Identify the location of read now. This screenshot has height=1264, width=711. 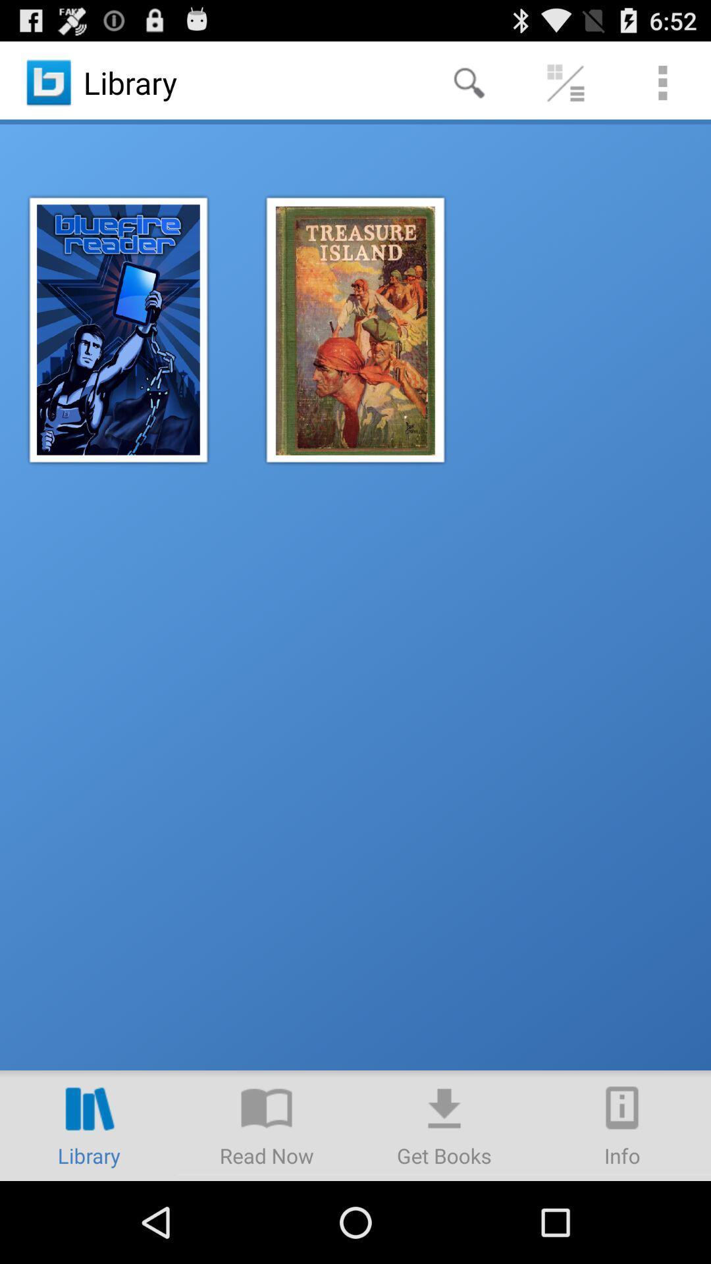
(267, 1124).